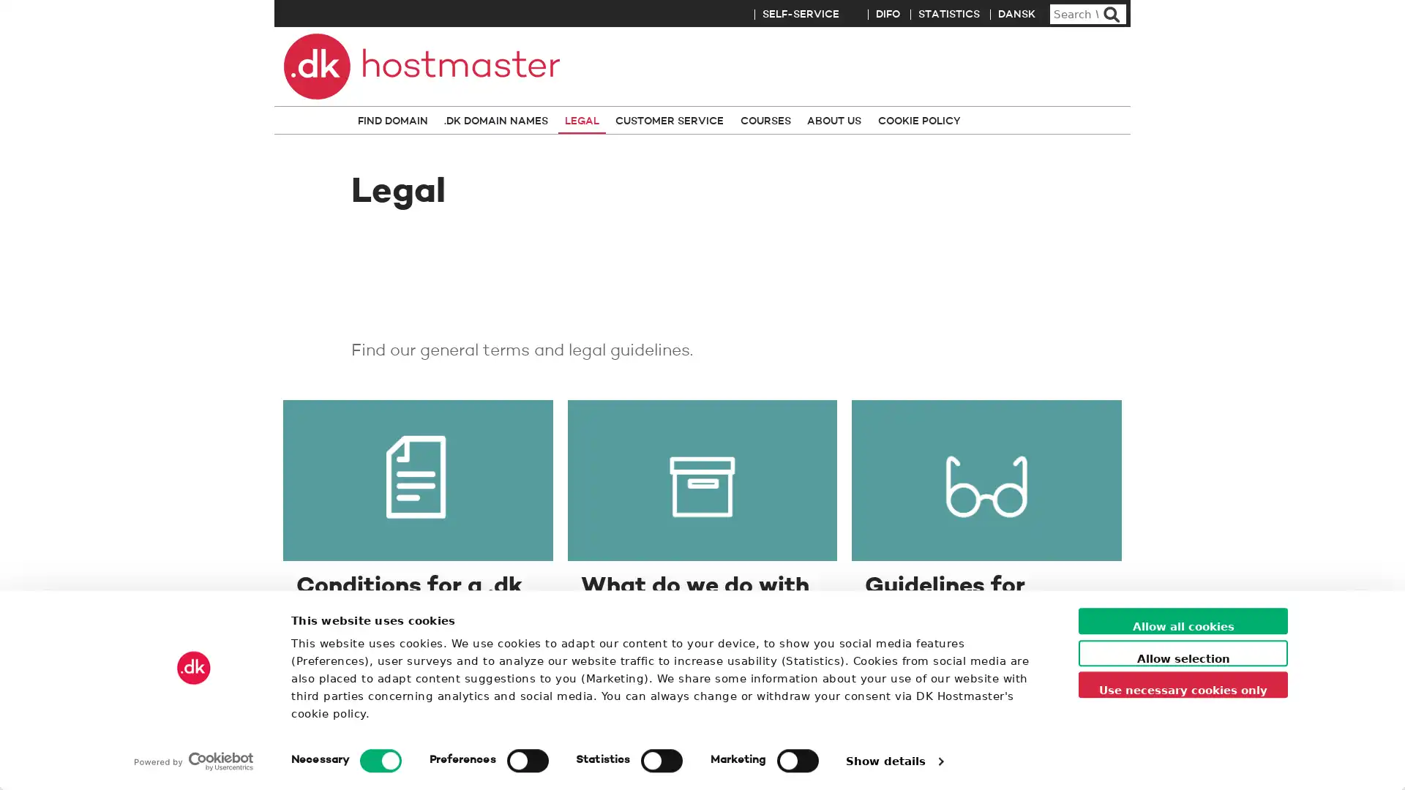 This screenshot has height=790, width=1405. Describe the element at coordinates (1183, 620) in the screenshot. I see `Allow all cookies` at that location.